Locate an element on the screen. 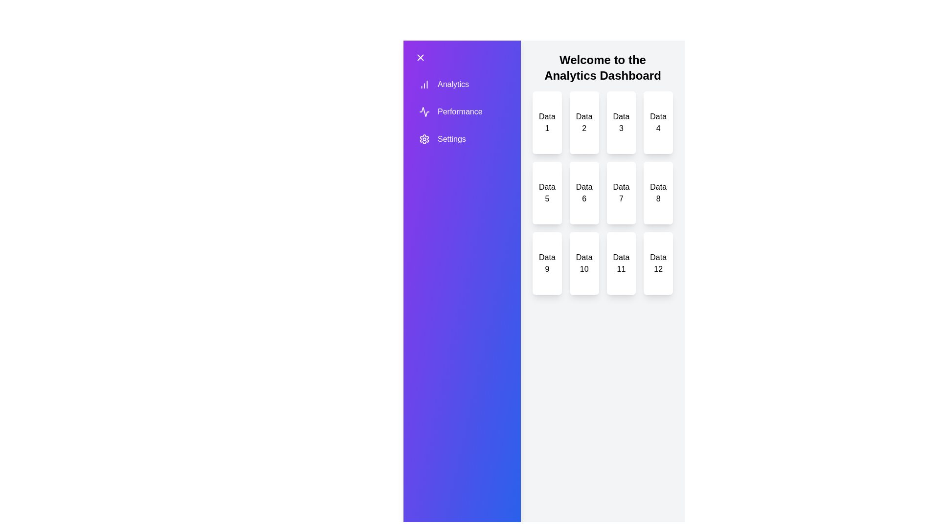 This screenshot has width=939, height=528. the drawer item labeled Analytics to trigger its hover effect is located at coordinates (450, 84).